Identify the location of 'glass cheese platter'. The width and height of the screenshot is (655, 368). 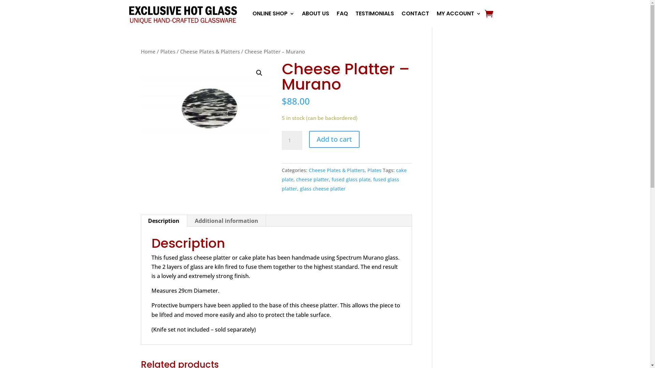
(300, 188).